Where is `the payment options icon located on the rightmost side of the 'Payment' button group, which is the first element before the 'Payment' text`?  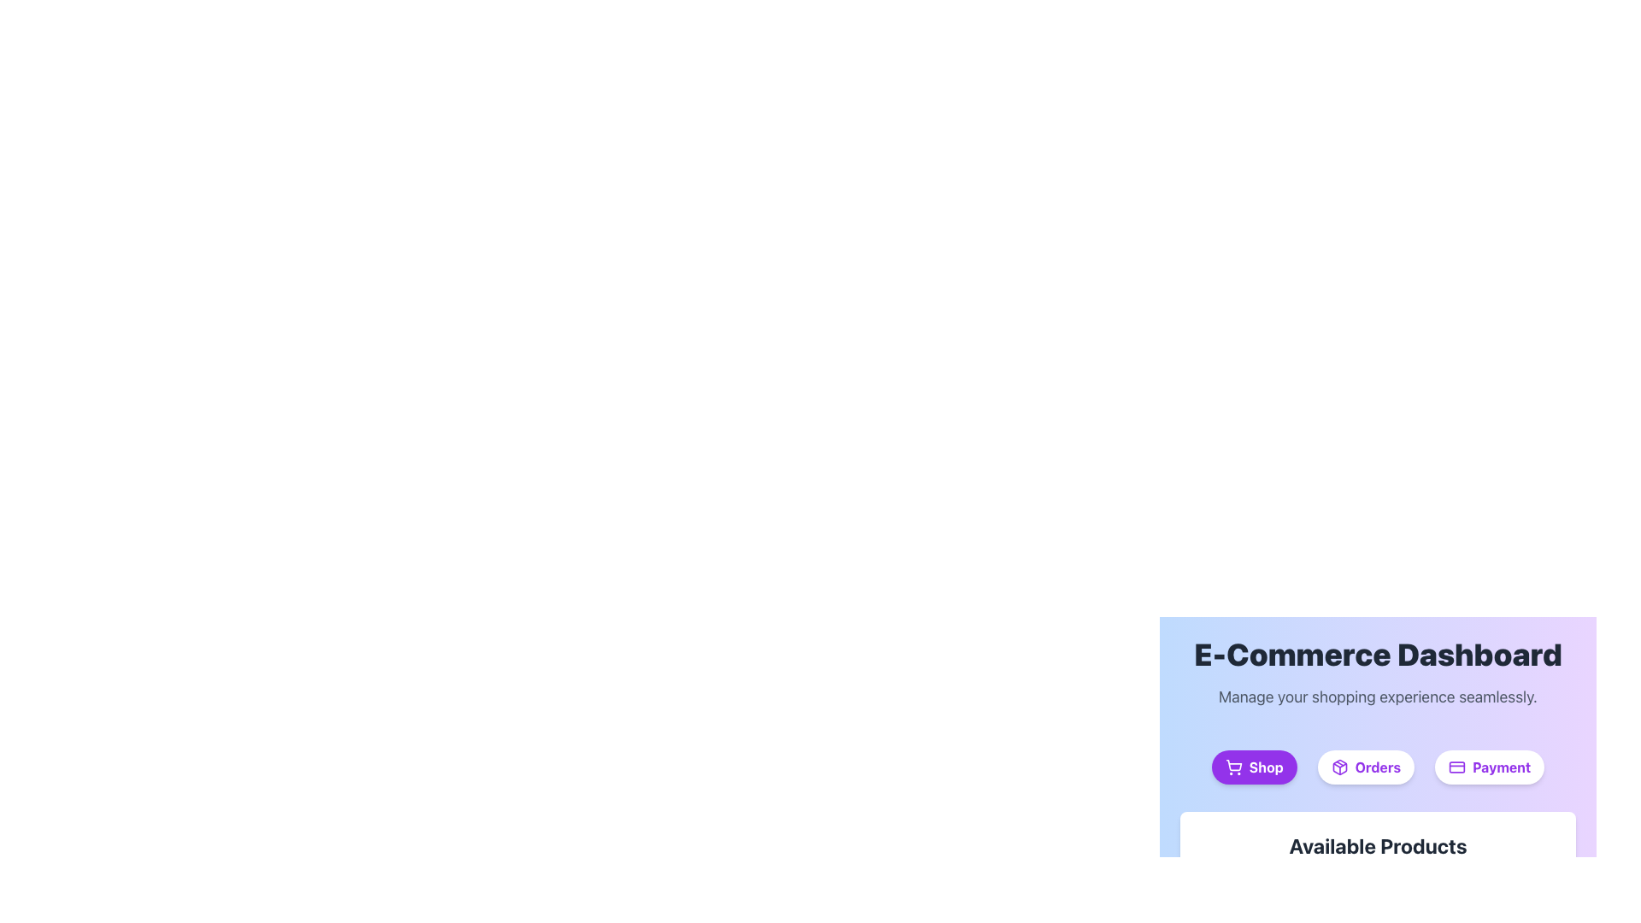 the payment options icon located on the rightmost side of the 'Payment' button group, which is the first element before the 'Payment' text is located at coordinates (1456, 767).